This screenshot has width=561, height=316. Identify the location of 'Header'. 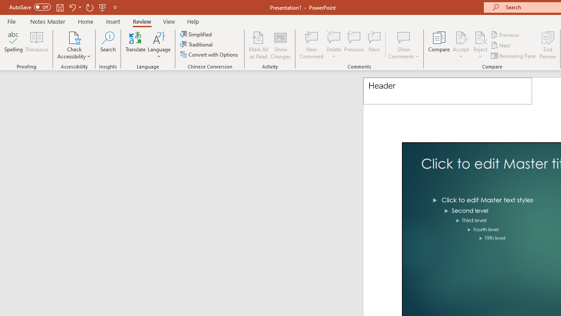
(447, 91).